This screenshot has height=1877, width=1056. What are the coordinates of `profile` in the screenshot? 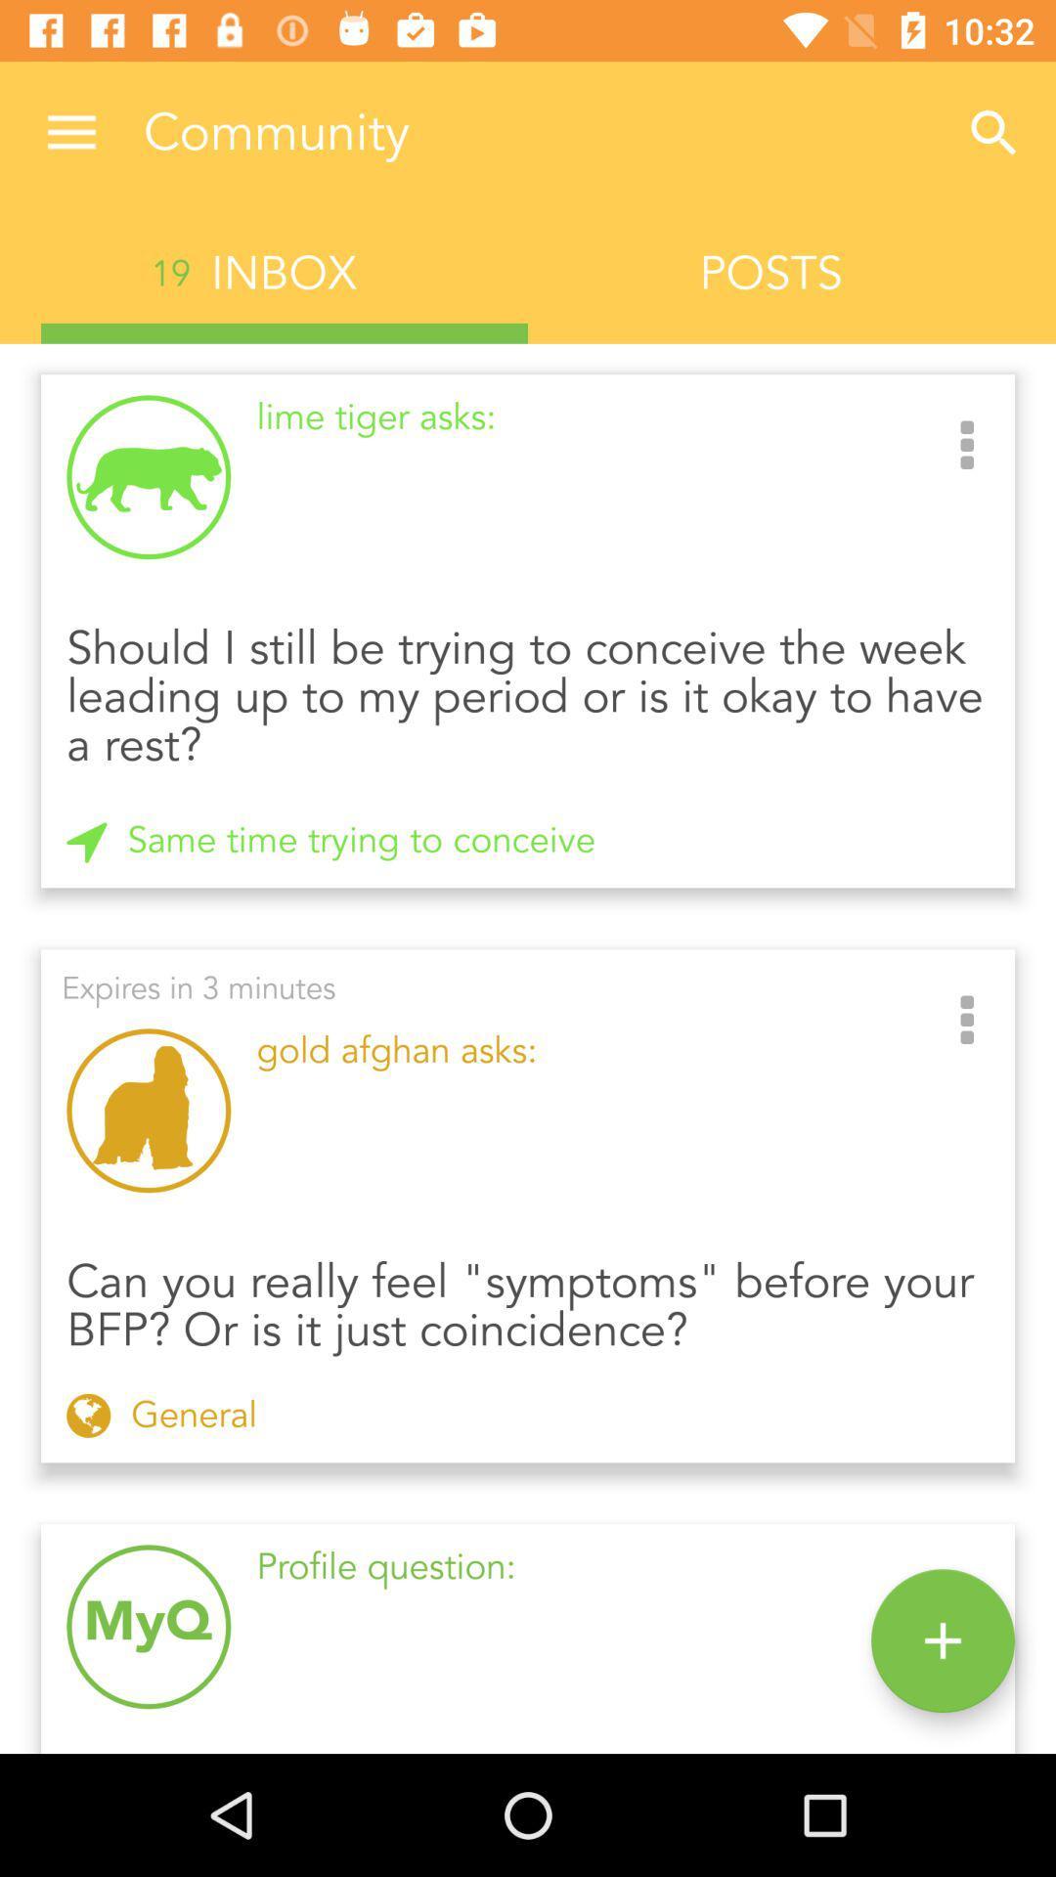 It's located at (942, 1640).